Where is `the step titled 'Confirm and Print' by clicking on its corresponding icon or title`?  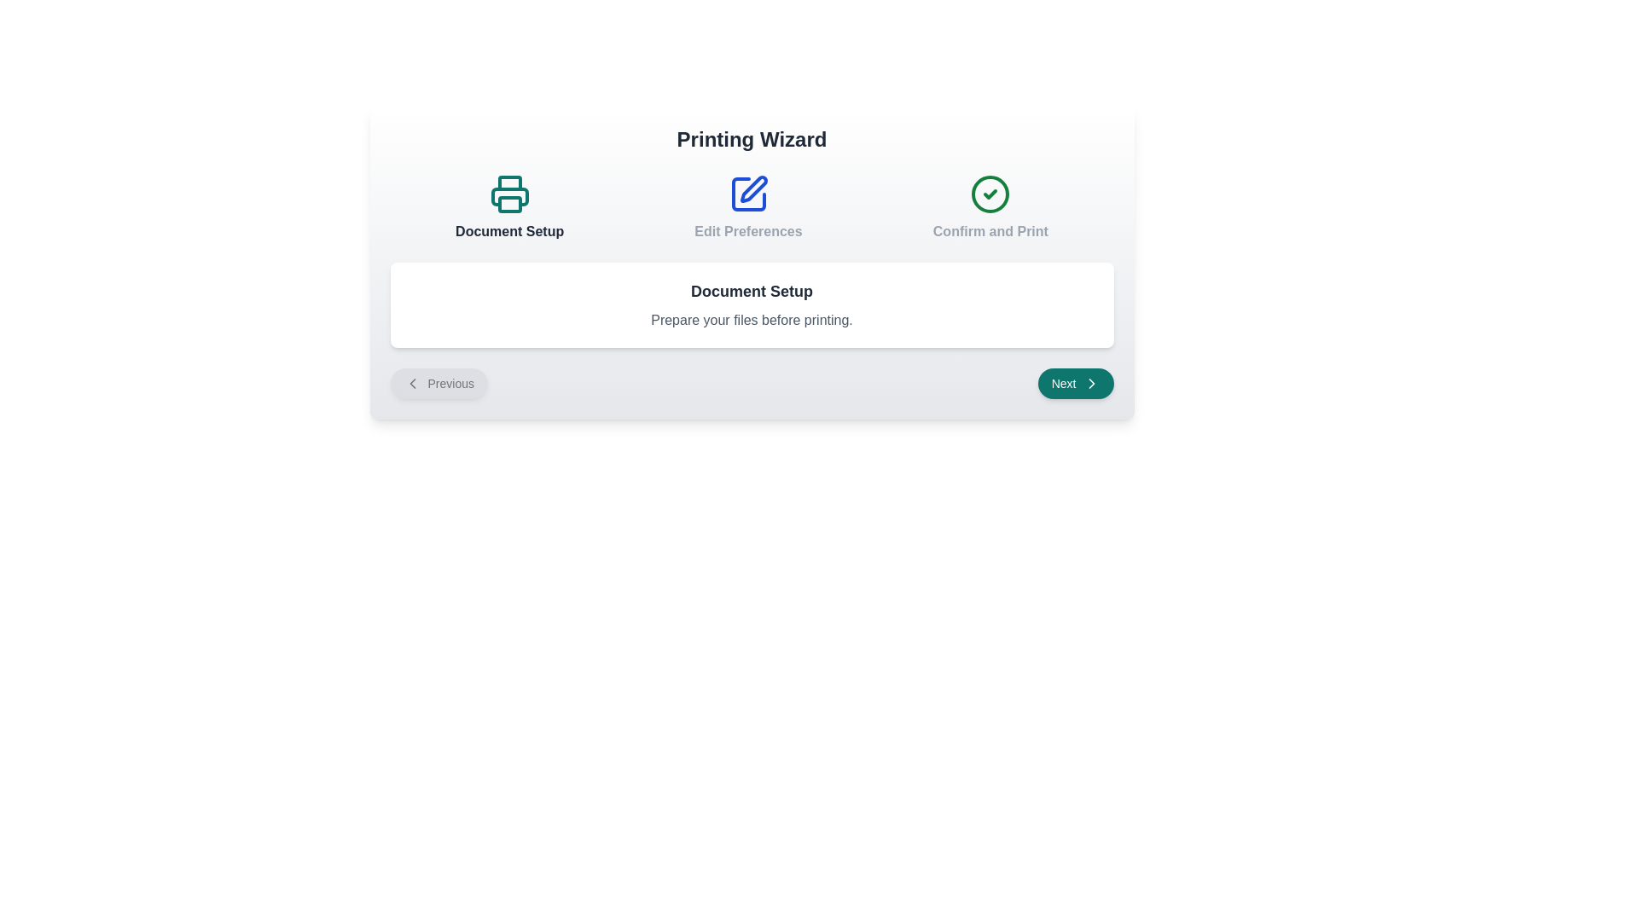
the step titled 'Confirm and Print' by clicking on its corresponding icon or title is located at coordinates (990, 206).